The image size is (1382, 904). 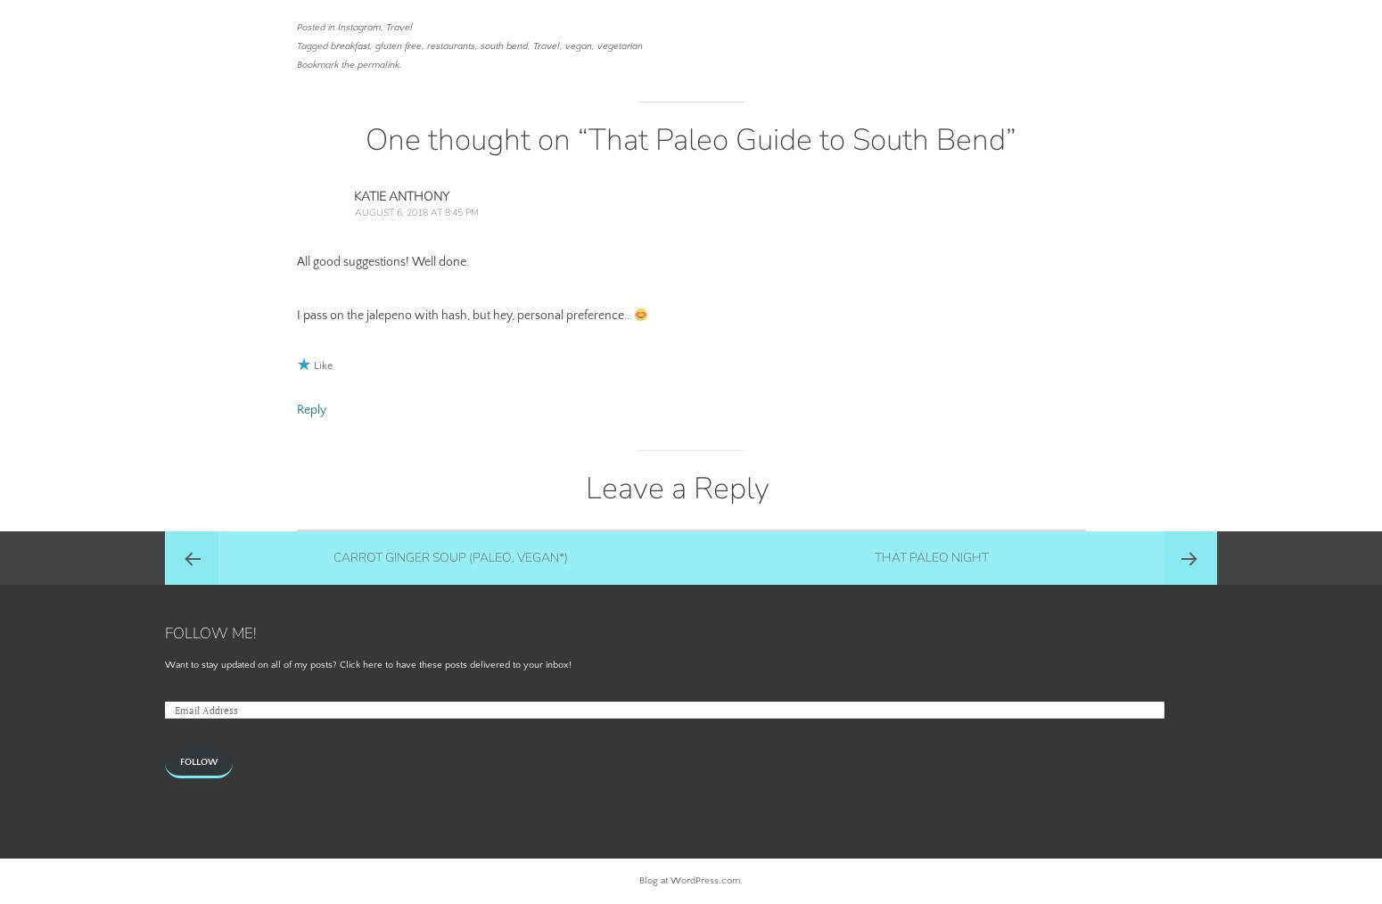 What do you see at coordinates (368, 663) in the screenshot?
I see `'Want to stay updated on all of my posts? Click here to have these posts delivered to your inbox!'` at bounding box center [368, 663].